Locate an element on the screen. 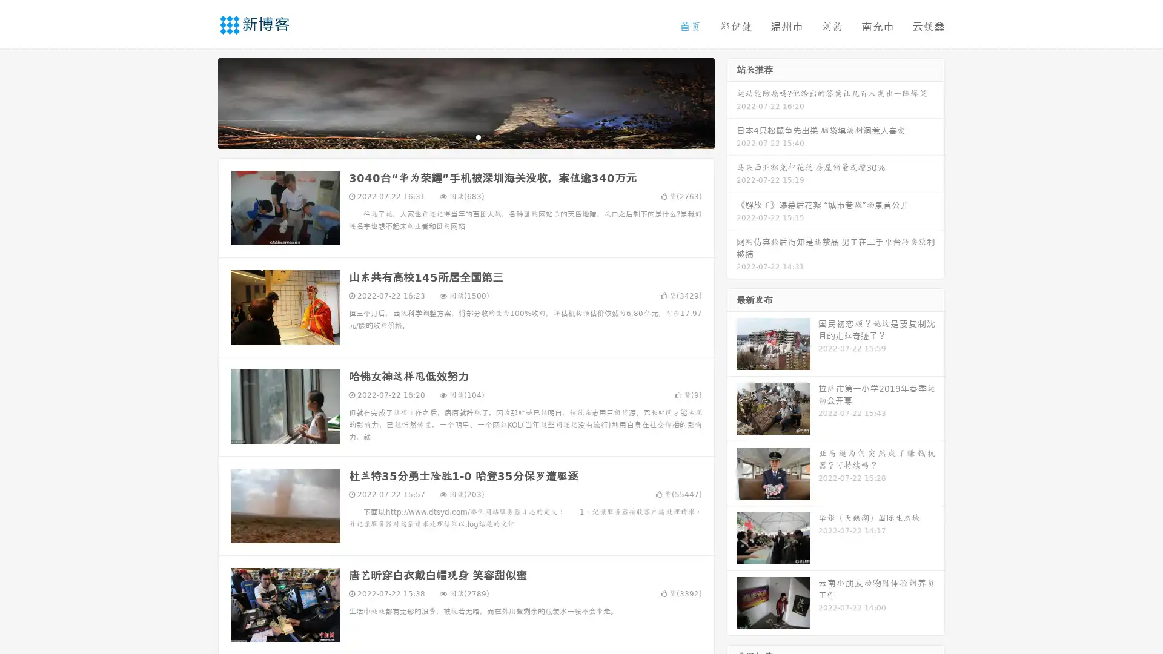  Next slide is located at coordinates (732, 102).